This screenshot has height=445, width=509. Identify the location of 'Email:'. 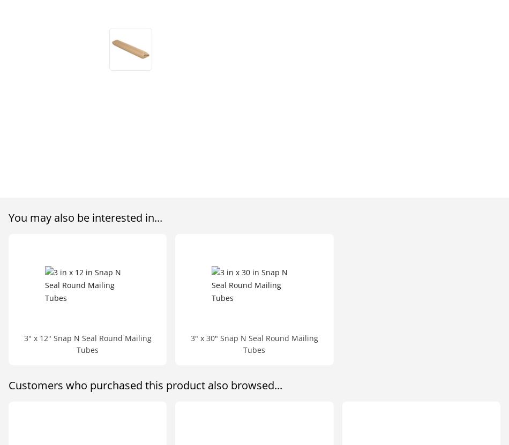
(25, 87).